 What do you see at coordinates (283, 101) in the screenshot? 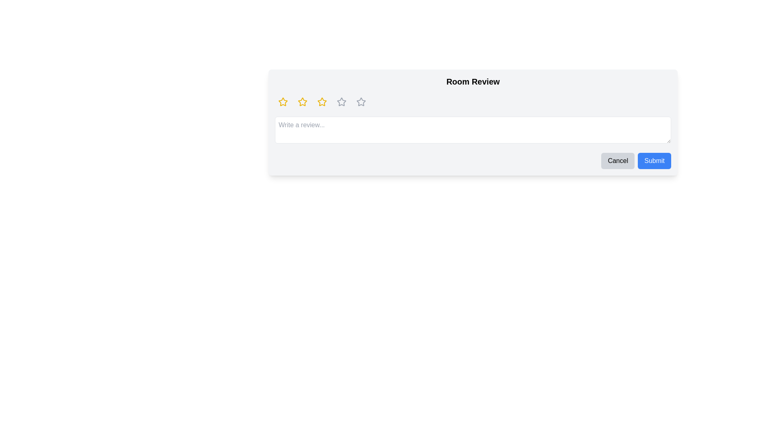
I see `the first star-shaped rating icon in the horizontal row` at bounding box center [283, 101].